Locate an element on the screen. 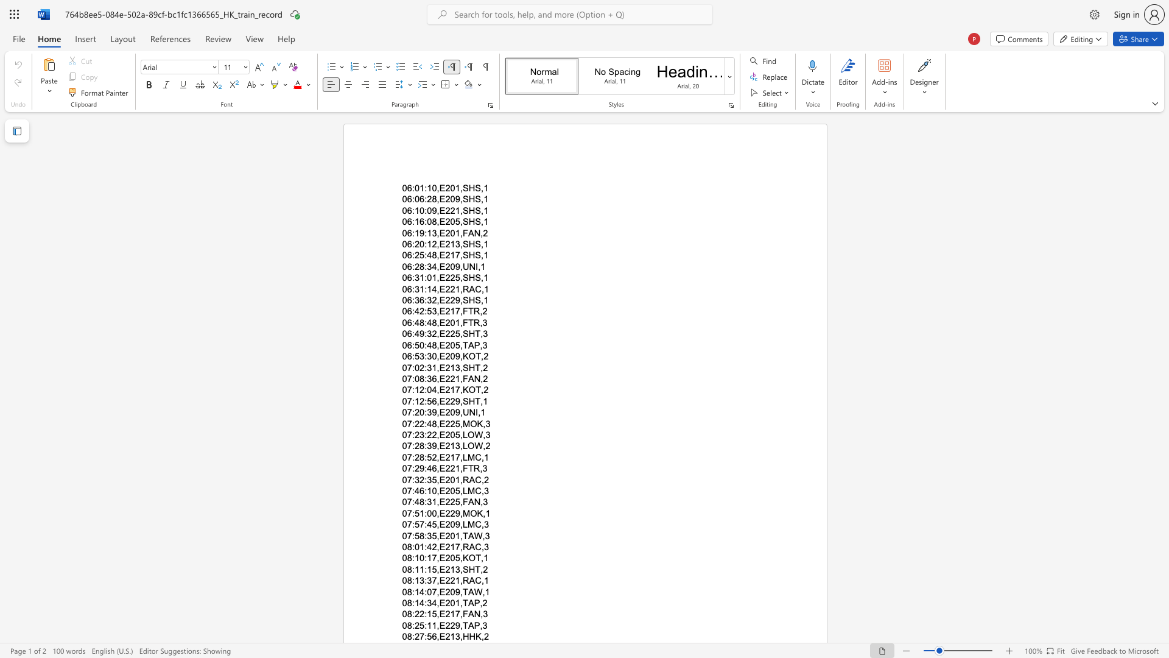  the subset text "KOT,2" within the text "07:12:04,E217,KOT,2" is located at coordinates (462, 390).